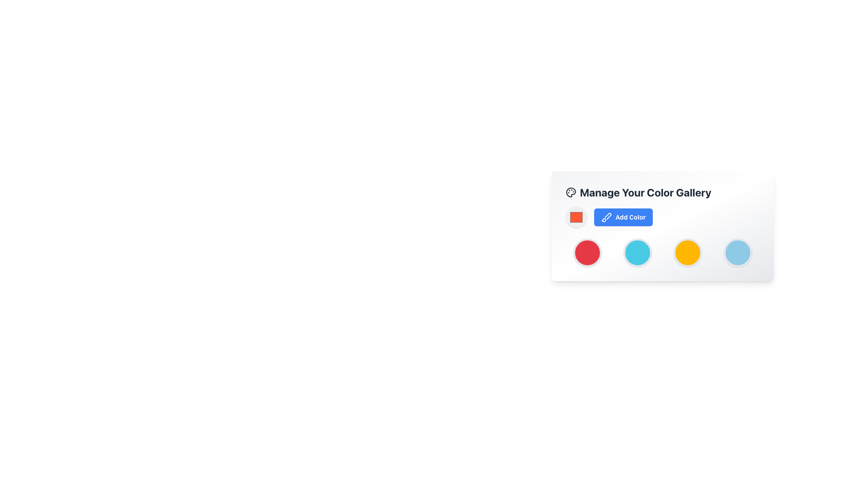  Describe the element at coordinates (738, 253) in the screenshot. I see `the fourth circular color choice indicator in the 'Manage Your Color Gallery' panel` at that location.